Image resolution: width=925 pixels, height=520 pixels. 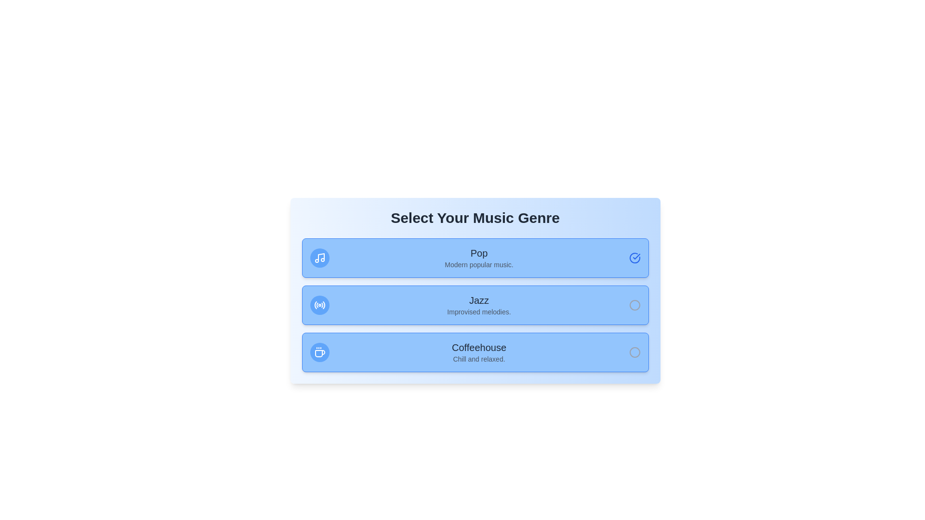 What do you see at coordinates (479, 258) in the screenshot?
I see `the text block displaying 'Pop' and 'Modern popular music.'` at bounding box center [479, 258].